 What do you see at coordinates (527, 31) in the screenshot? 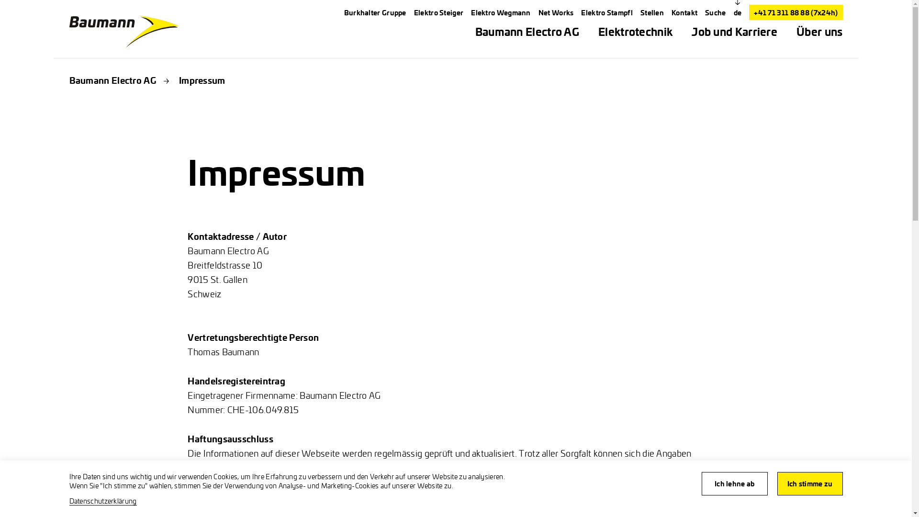
I see `'Baumann Electro AG'` at bounding box center [527, 31].